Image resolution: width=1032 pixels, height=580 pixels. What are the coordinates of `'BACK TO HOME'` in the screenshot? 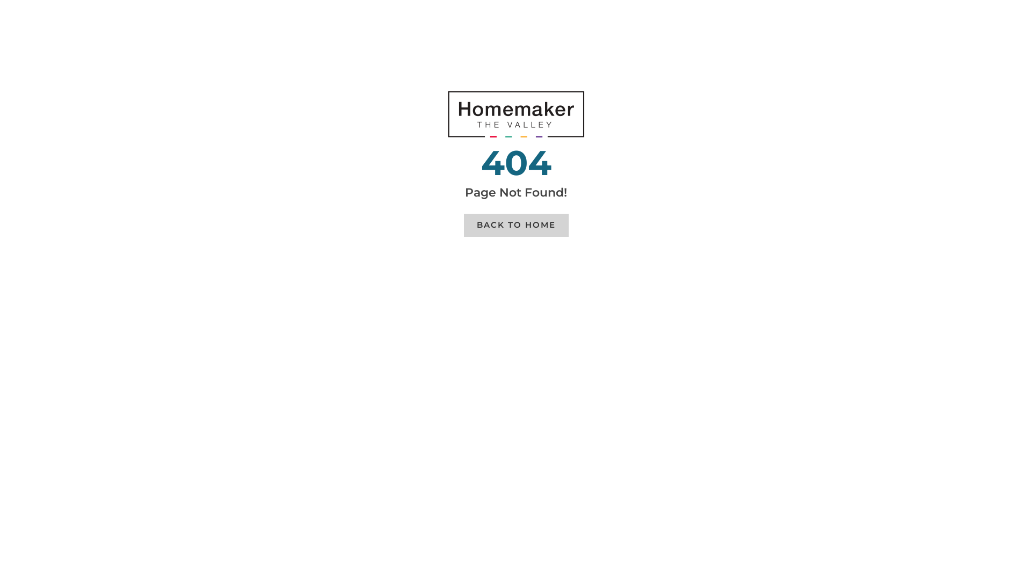 It's located at (515, 224).